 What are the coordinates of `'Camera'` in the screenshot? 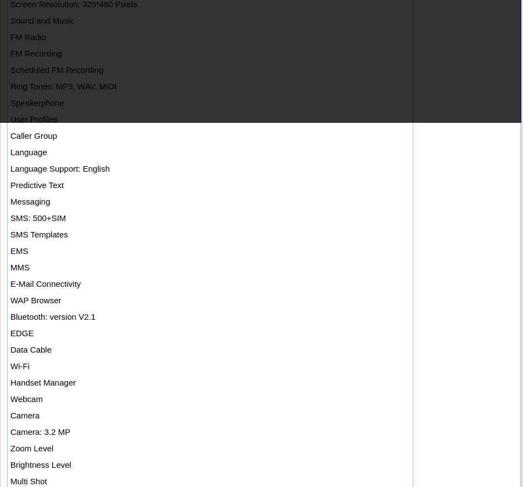 It's located at (24, 415).